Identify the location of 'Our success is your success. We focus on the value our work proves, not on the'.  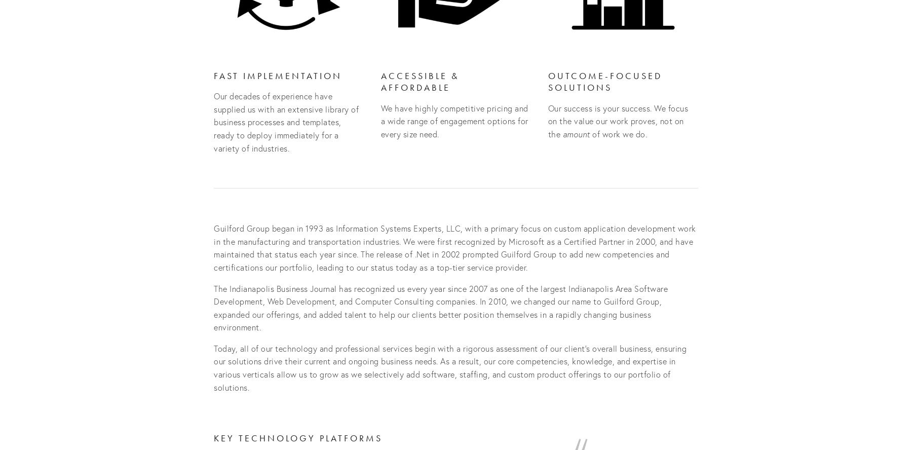
(618, 120).